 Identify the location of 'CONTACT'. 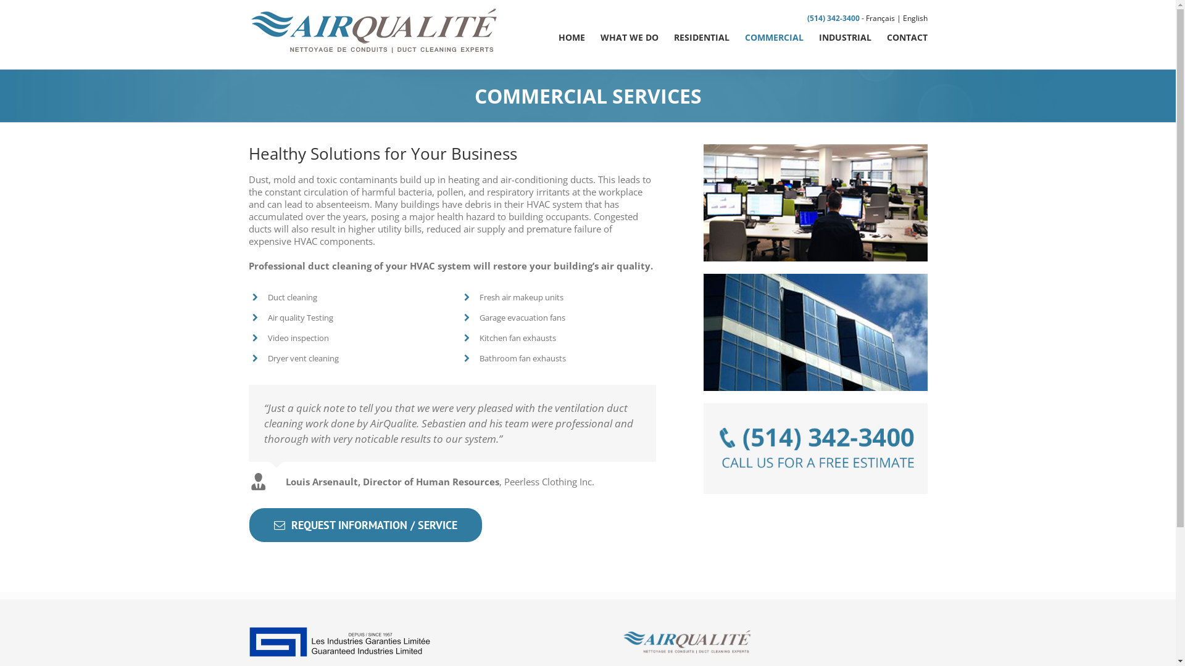
(885, 35).